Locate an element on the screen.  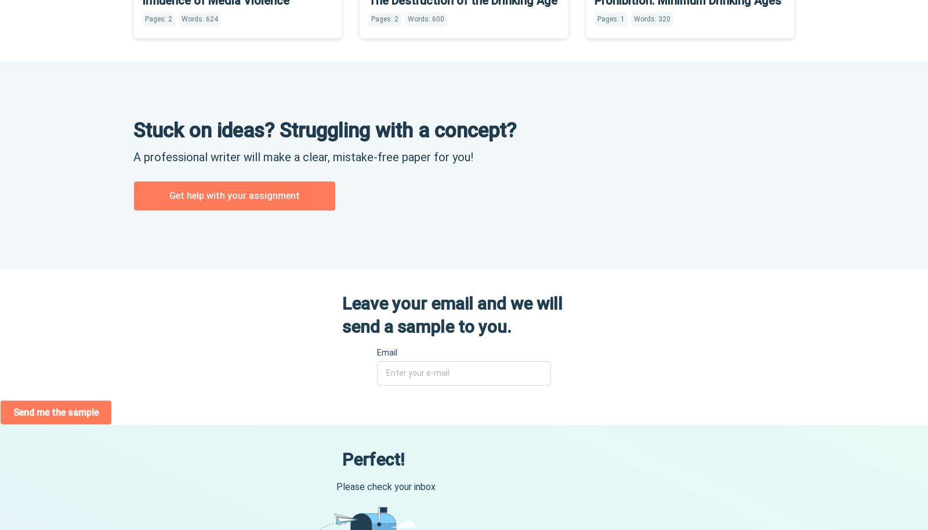
'Send me the sample' is located at coordinates (55, 411).